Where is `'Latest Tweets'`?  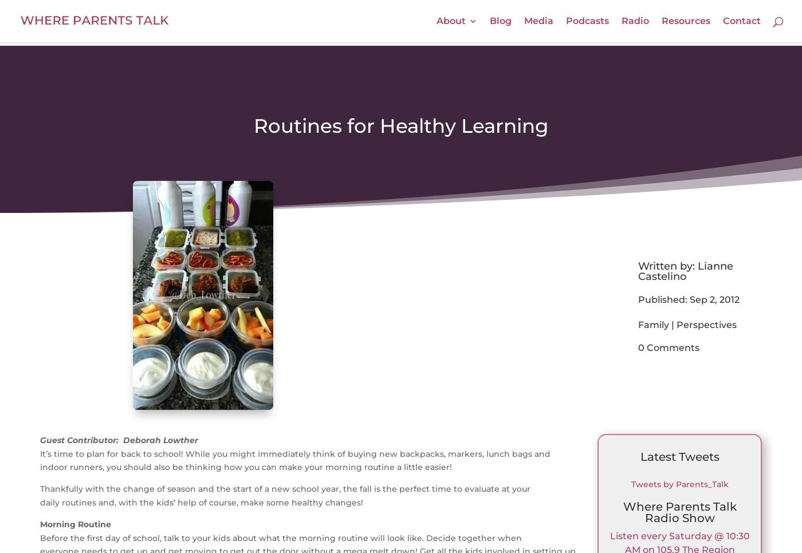 'Latest Tweets' is located at coordinates (679, 456).